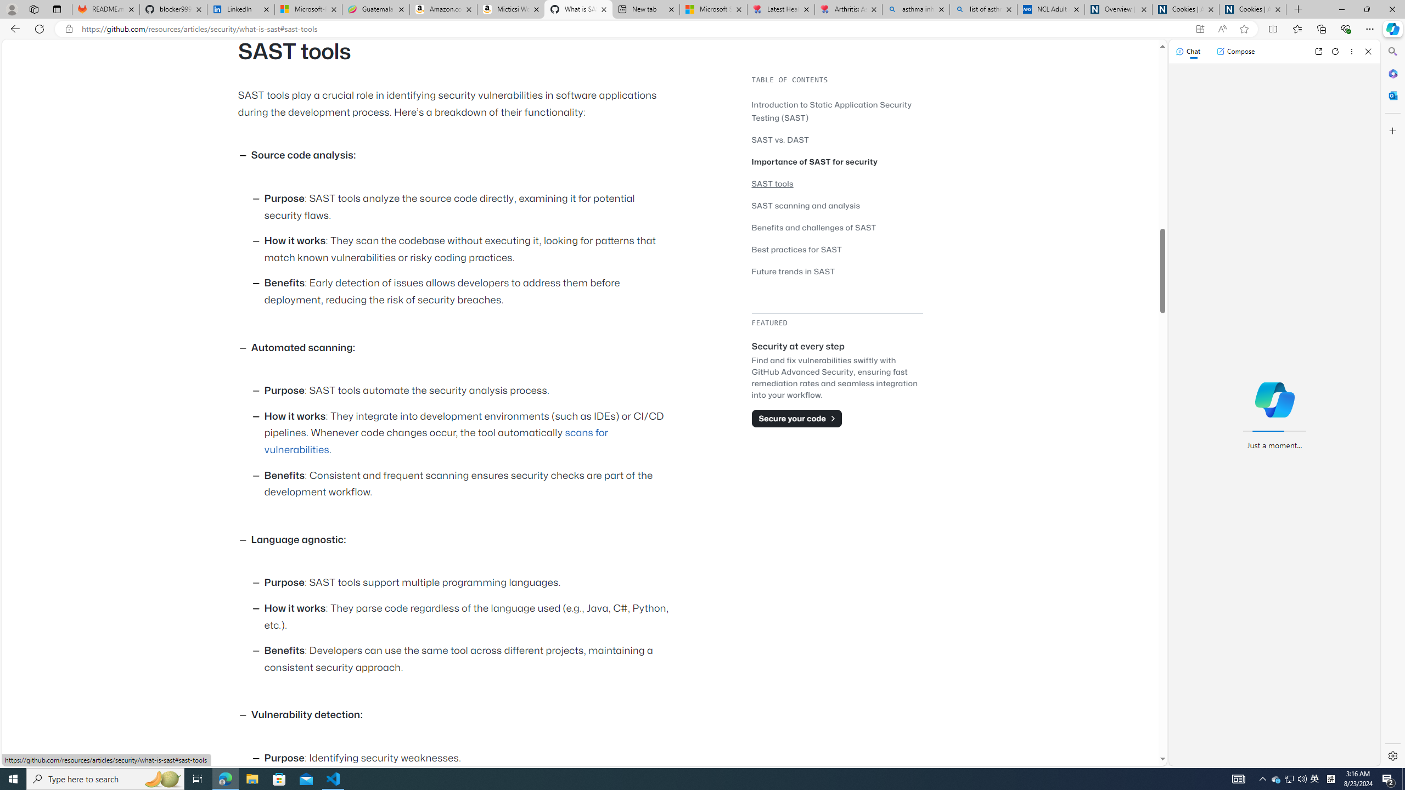  Describe the element at coordinates (469, 758) in the screenshot. I see `'Purpose: Identifying security weaknesses.'` at that location.